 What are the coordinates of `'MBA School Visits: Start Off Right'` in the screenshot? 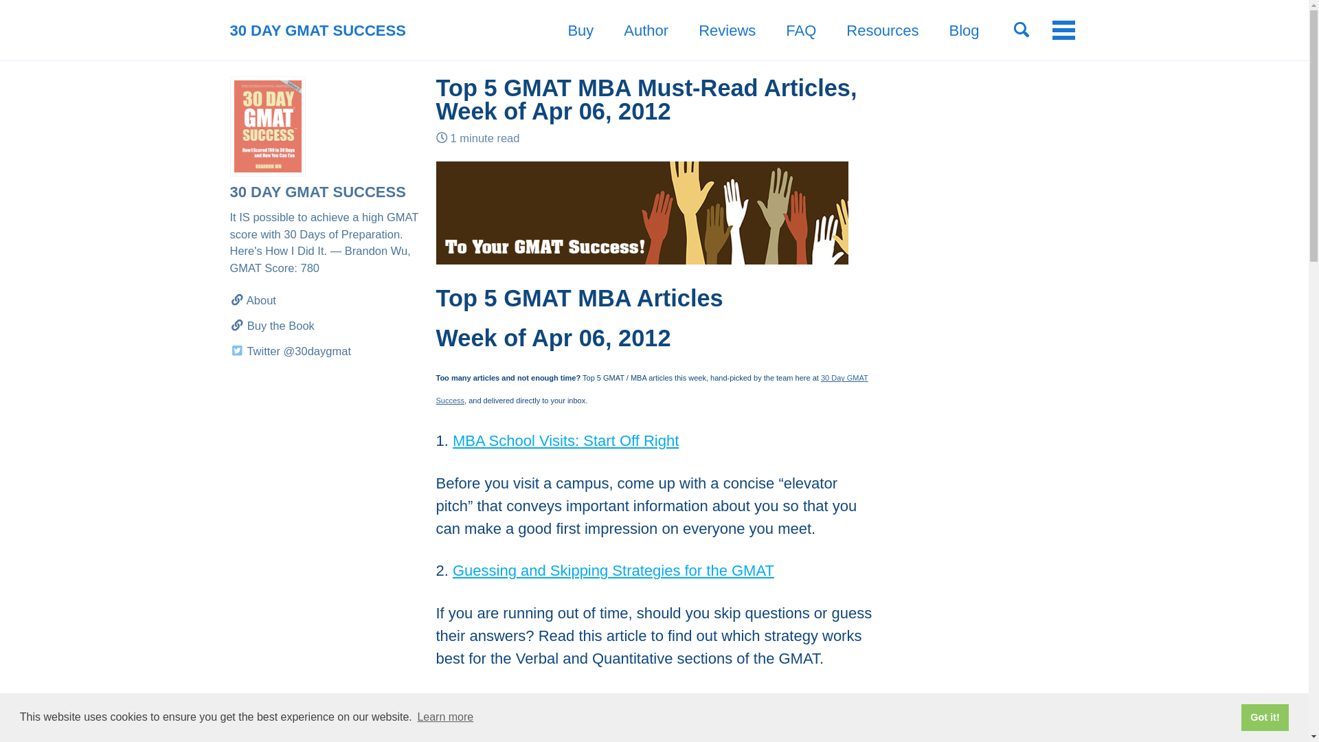 It's located at (565, 440).